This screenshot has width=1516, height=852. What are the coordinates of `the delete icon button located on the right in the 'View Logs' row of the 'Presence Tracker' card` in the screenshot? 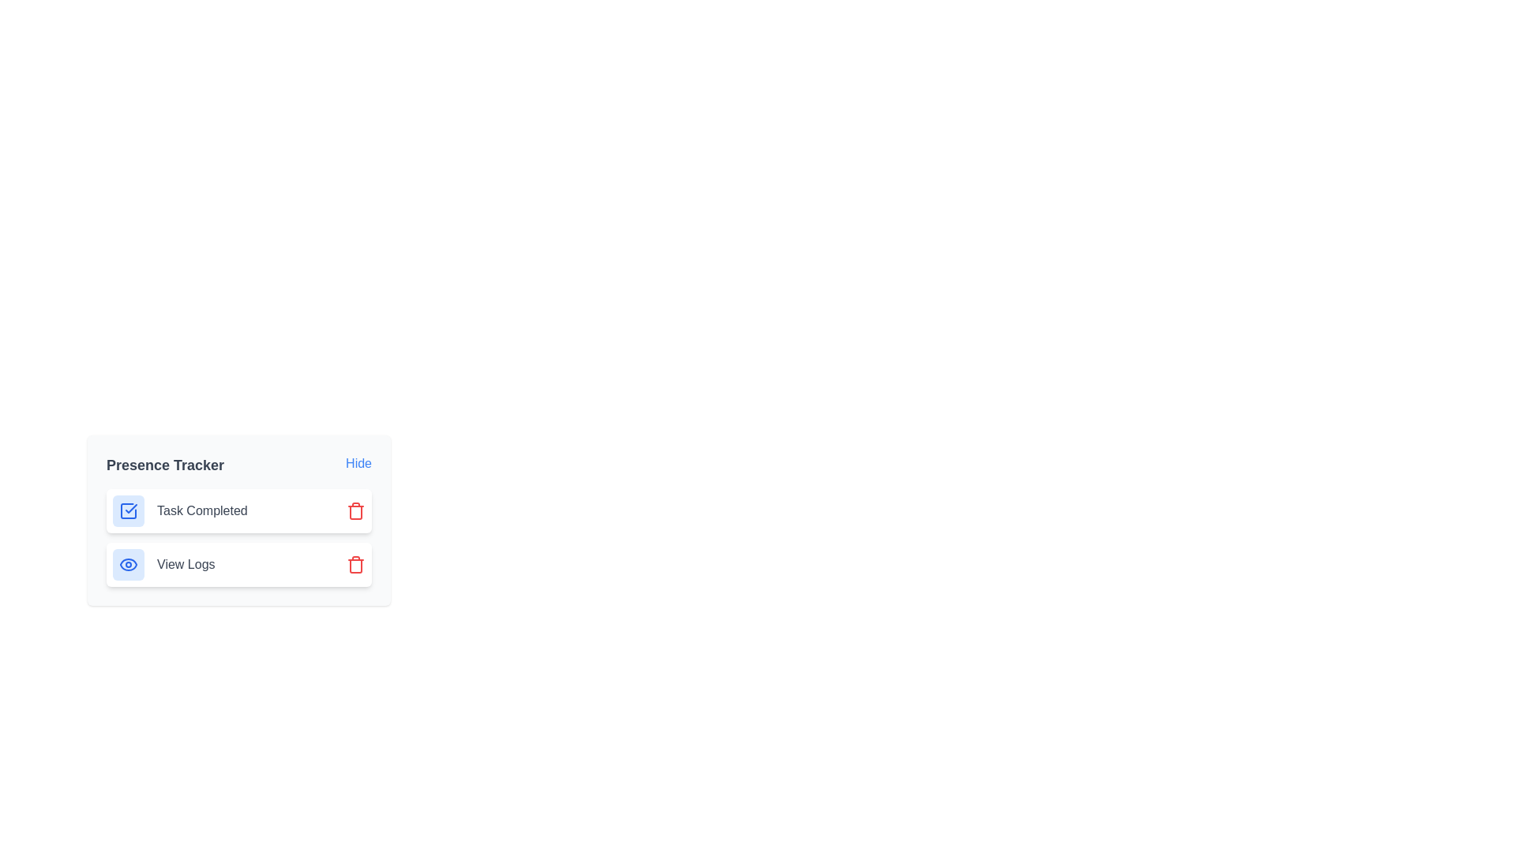 It's located at (355, 564).